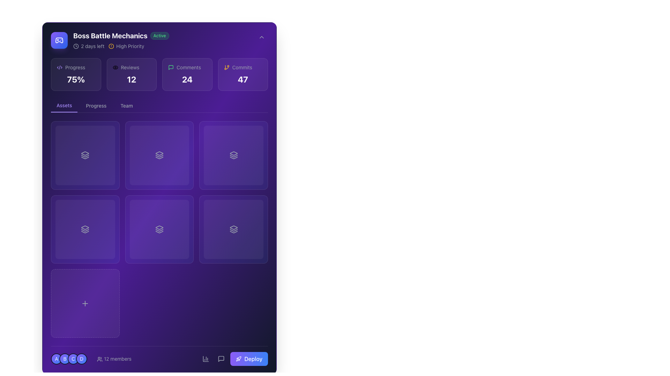  What do you see at coordinates (187, 79) in the screenshot?
I see `the bold, large-sized static text displaying the number '24' in white color, which is located in the 'Comments' card on the upper interface area` at bounding box center [187, 79].